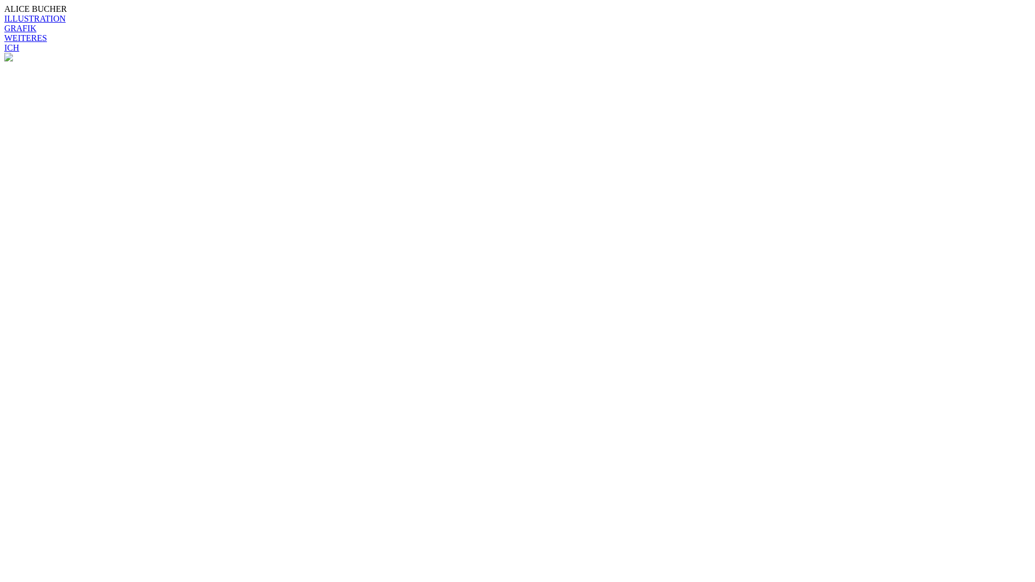  What do you see at coordinates (20, 27) in the screenshot?
I see `'GRAFIK'` at bounding box center [20, 27].